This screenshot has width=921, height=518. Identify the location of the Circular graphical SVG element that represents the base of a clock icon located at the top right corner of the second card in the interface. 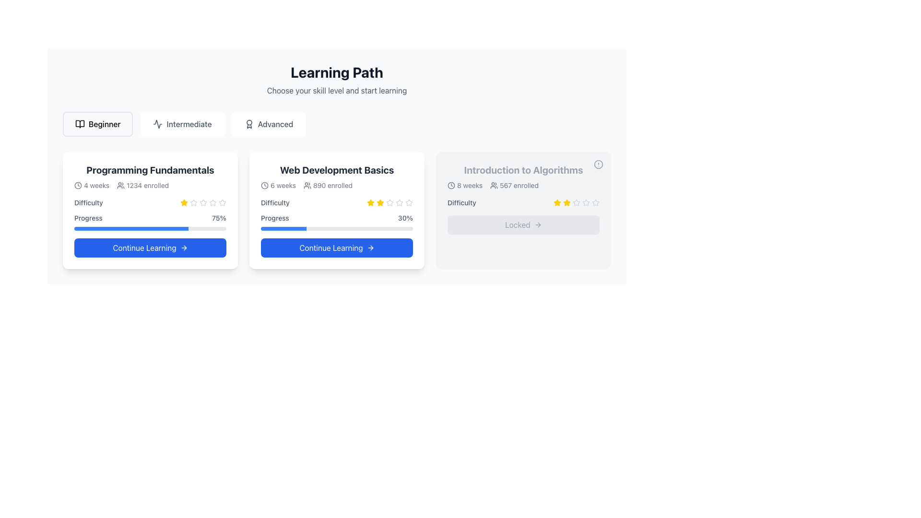
(265, 185).